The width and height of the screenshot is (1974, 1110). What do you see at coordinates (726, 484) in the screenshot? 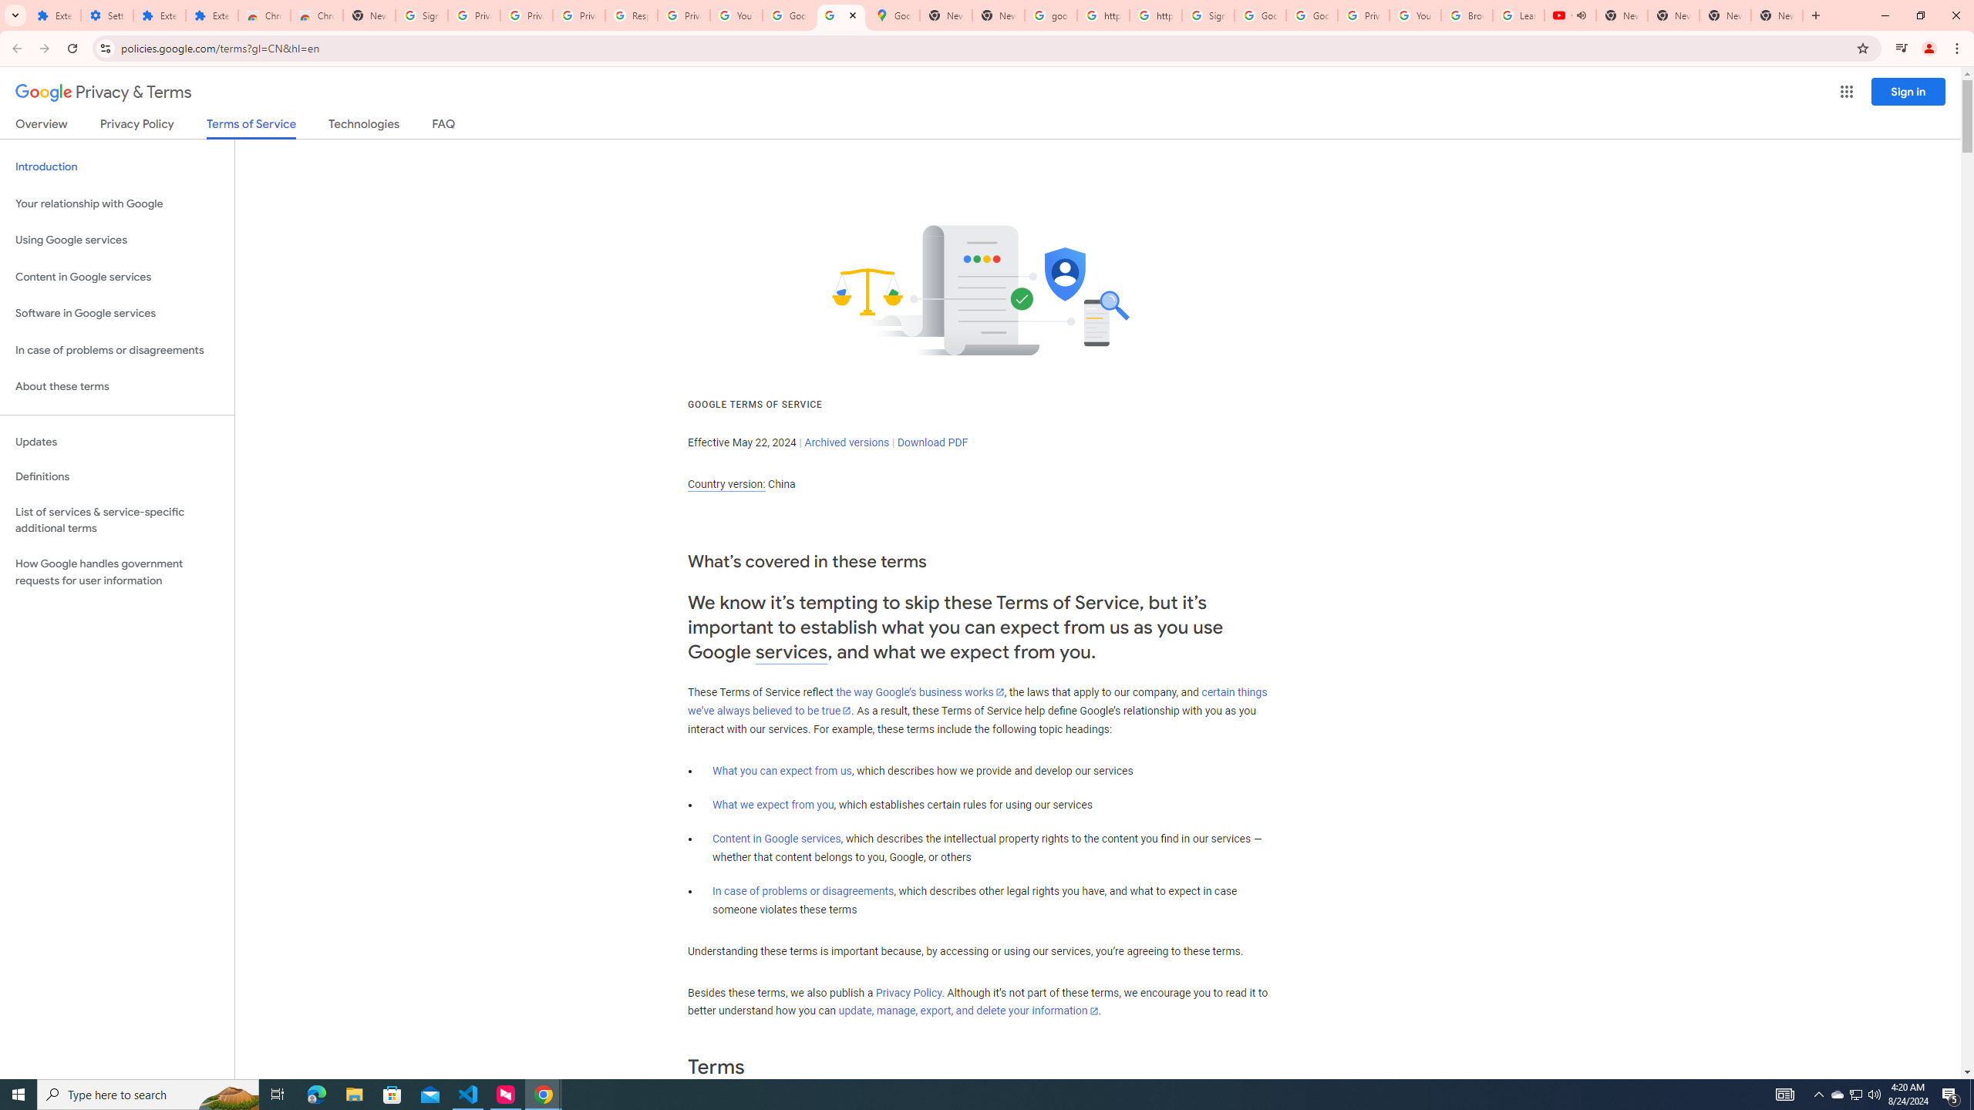
I see `'Country version:'` at bounding box center [726, 484].